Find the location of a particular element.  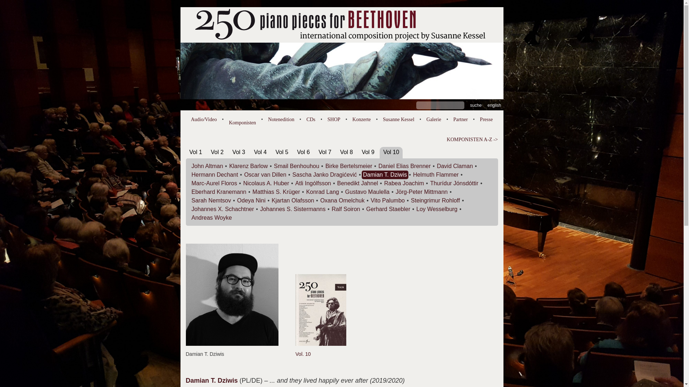

'Vol. 10' is located at coordinates (295, 350).